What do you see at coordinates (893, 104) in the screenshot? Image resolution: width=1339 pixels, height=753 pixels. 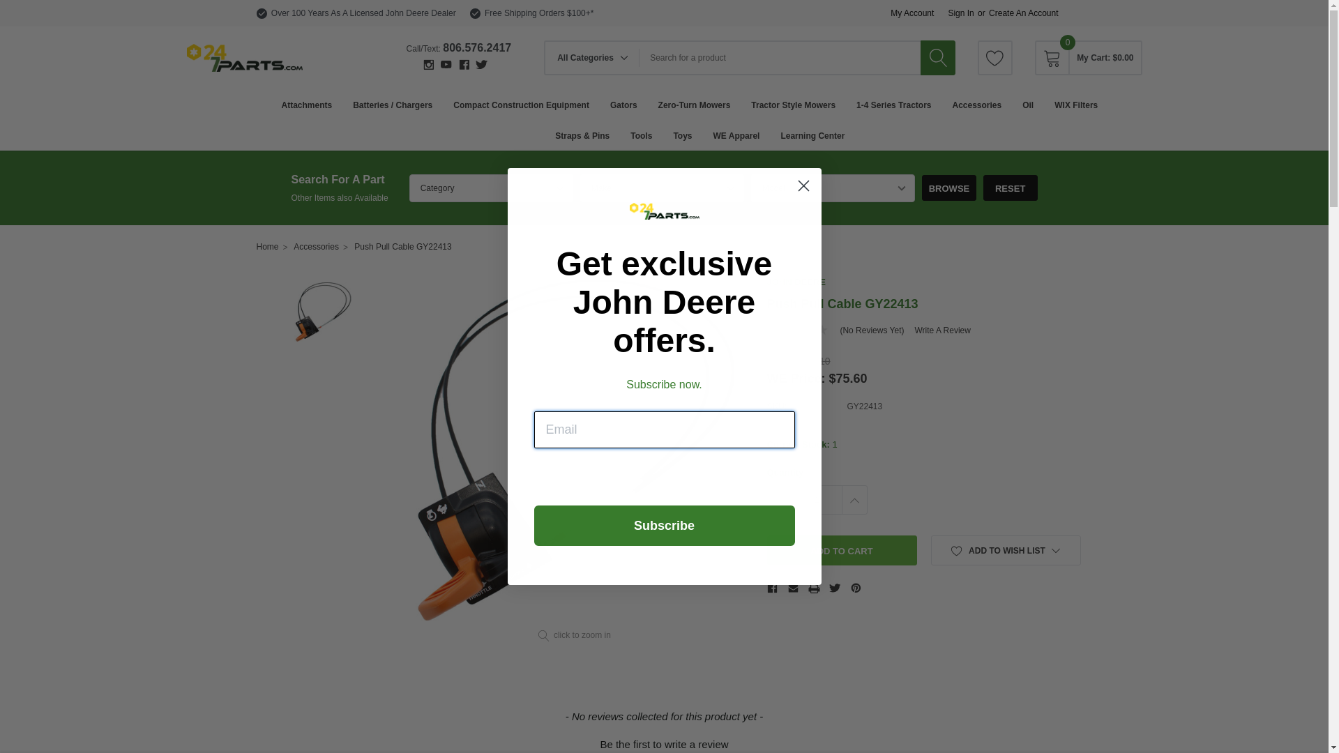 I see `'1-4 Series Tractors'` at bounding box center [893, 104].